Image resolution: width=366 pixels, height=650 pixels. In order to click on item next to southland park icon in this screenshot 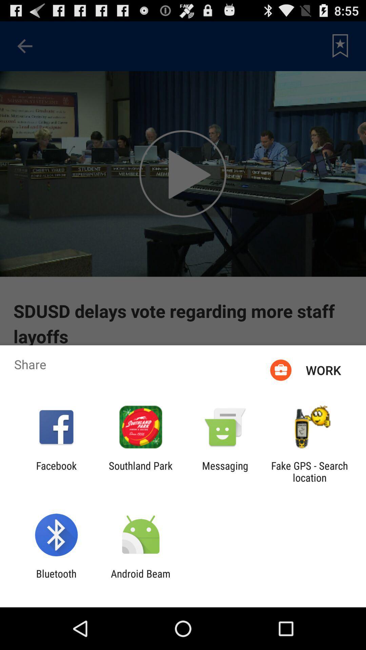, I will do `click(225, 471)`.